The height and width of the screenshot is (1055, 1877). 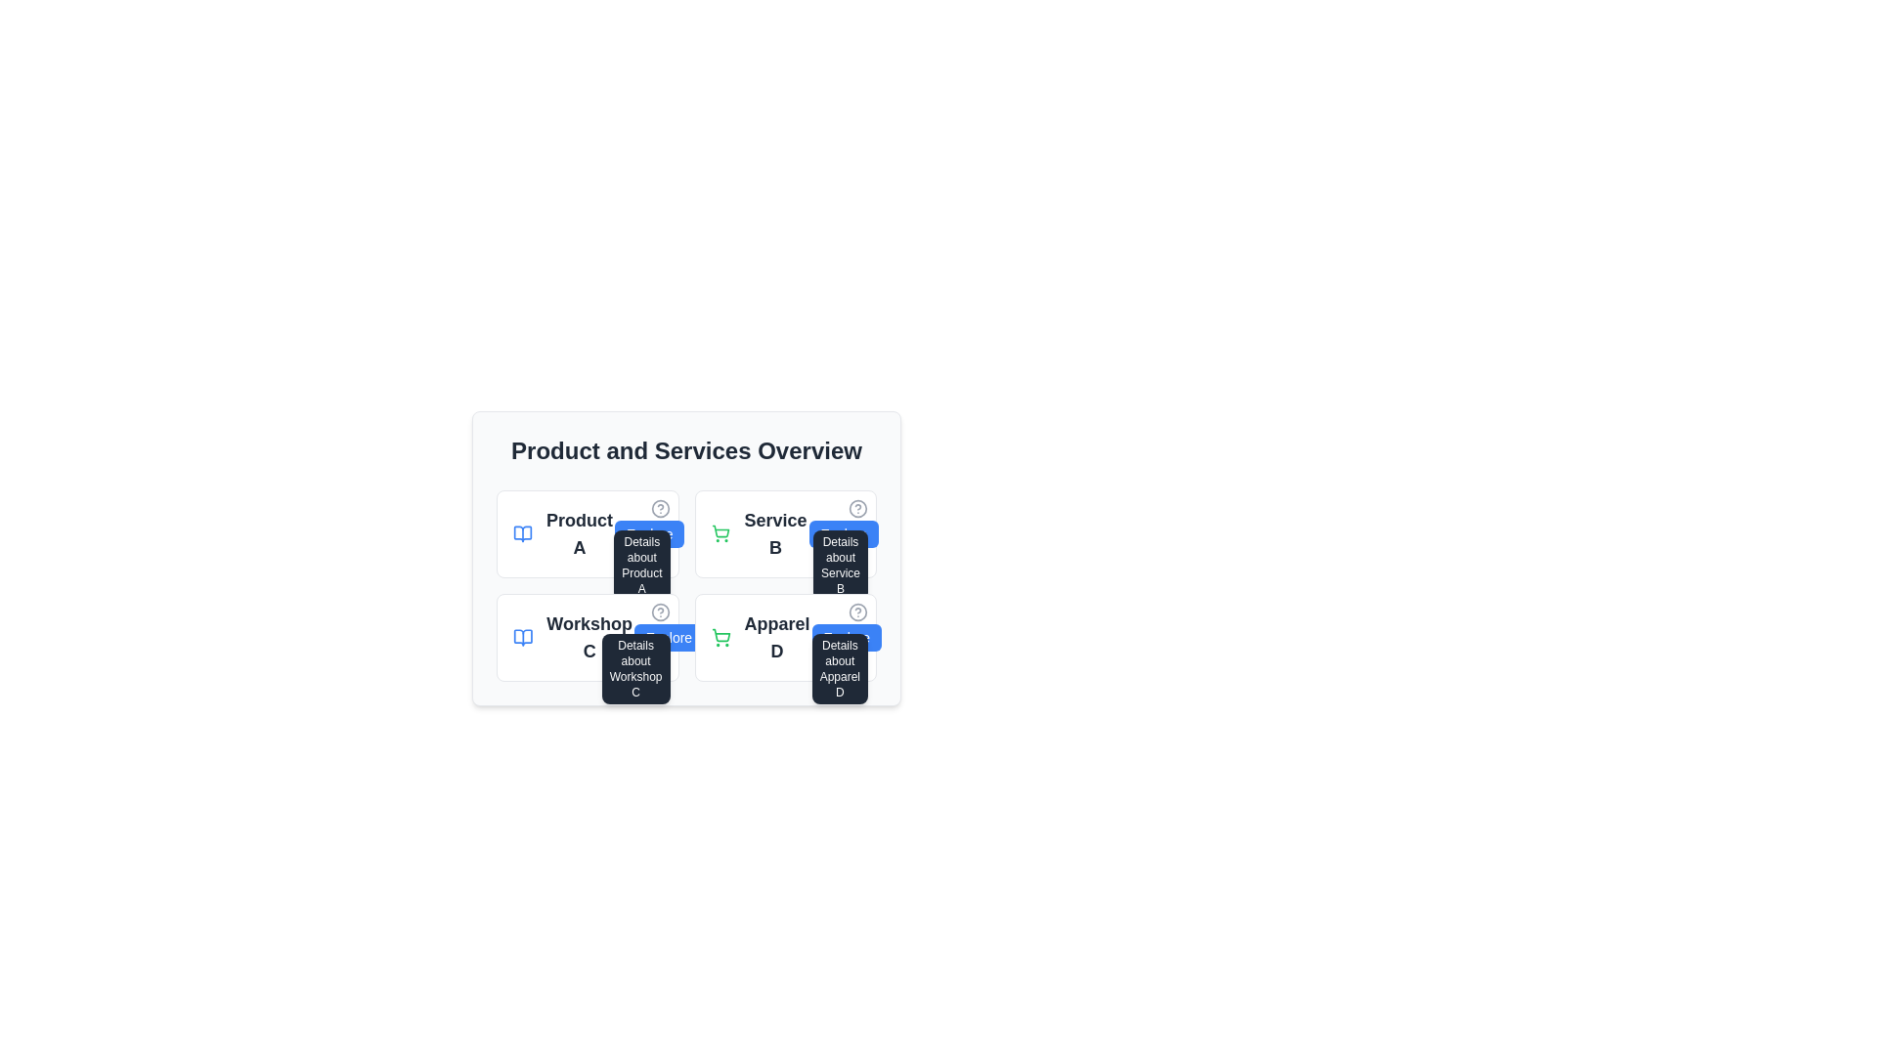 What do you see at coordinates (579, 534) in the screenshot?
I see `text label 'Product A' which is positioned at the top-left of the product grid, next to an open book icon` at bounding box center [579, 534].